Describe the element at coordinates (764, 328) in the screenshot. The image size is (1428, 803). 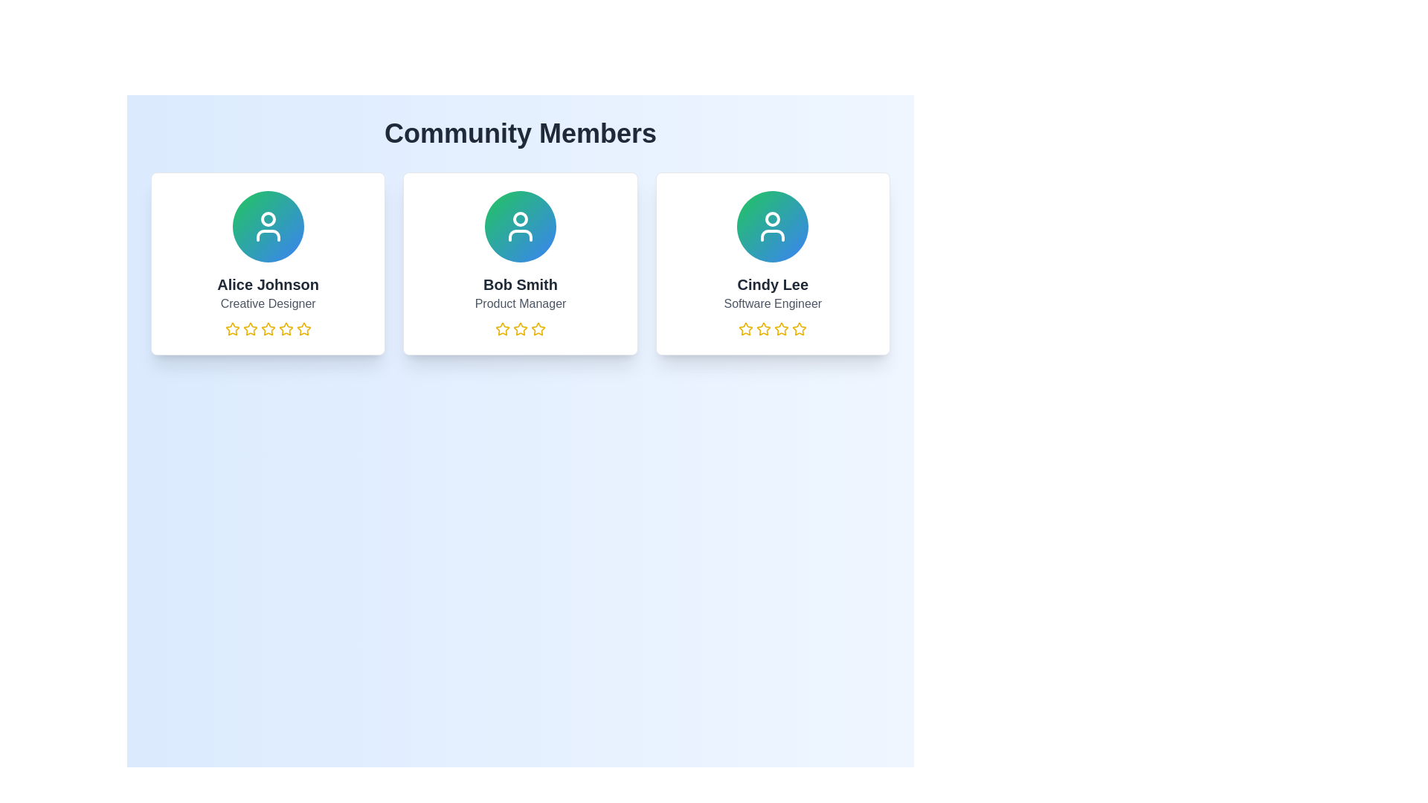
I see `the second star icon` at that location.